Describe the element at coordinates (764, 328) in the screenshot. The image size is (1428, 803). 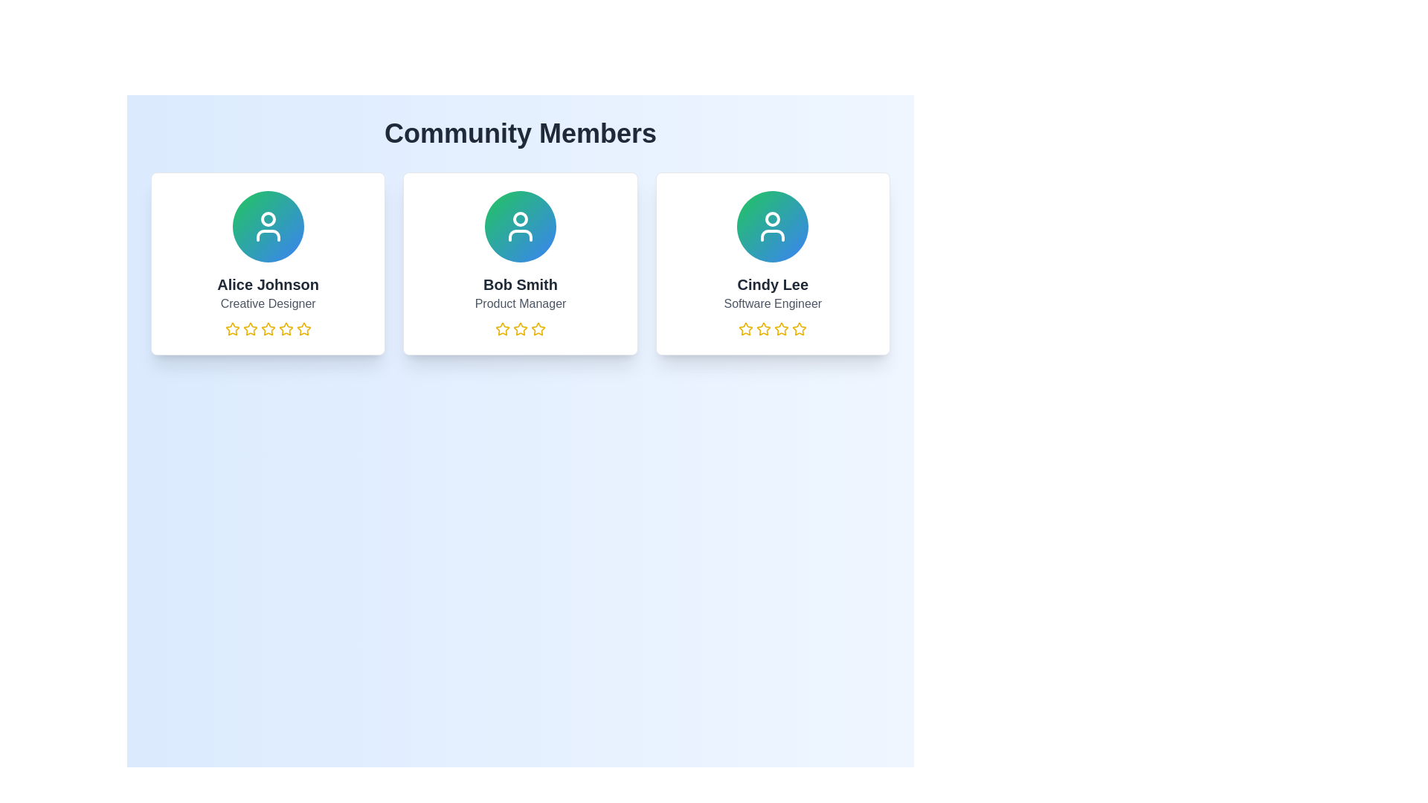
I see `the second star icon` at that location.